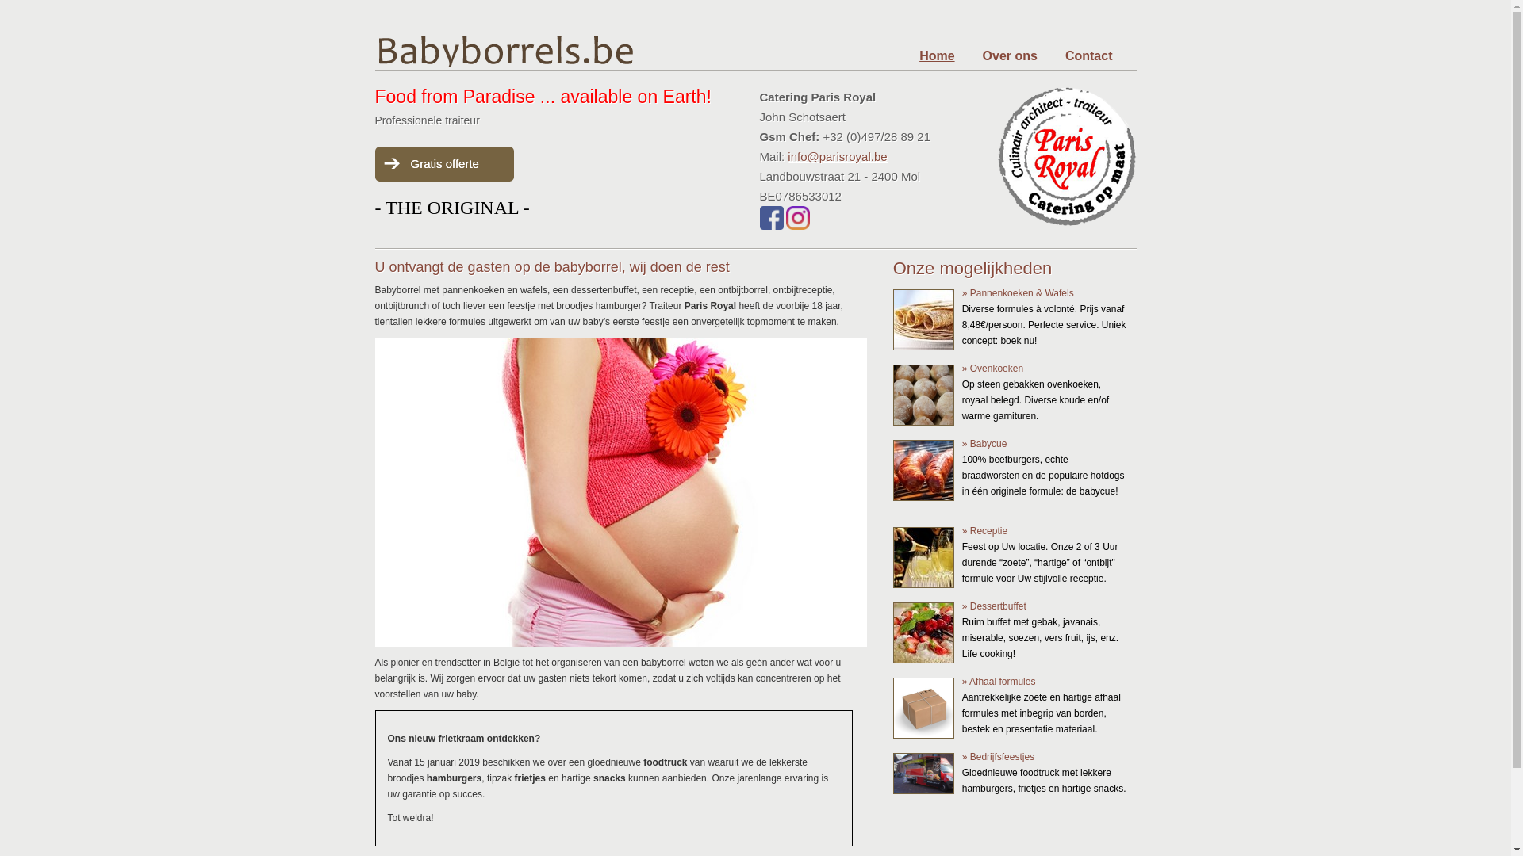 This screenshot has width=1523, height=856. I want to click on 'Home', so click(936, 55).